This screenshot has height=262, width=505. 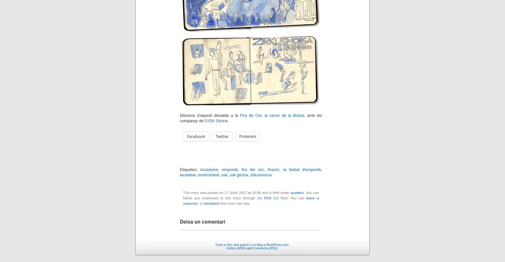 What do you see at coordinates (236, 248) in the screenshot?
I see `'Entries (RSS)'` at bounding box center [236, 248].